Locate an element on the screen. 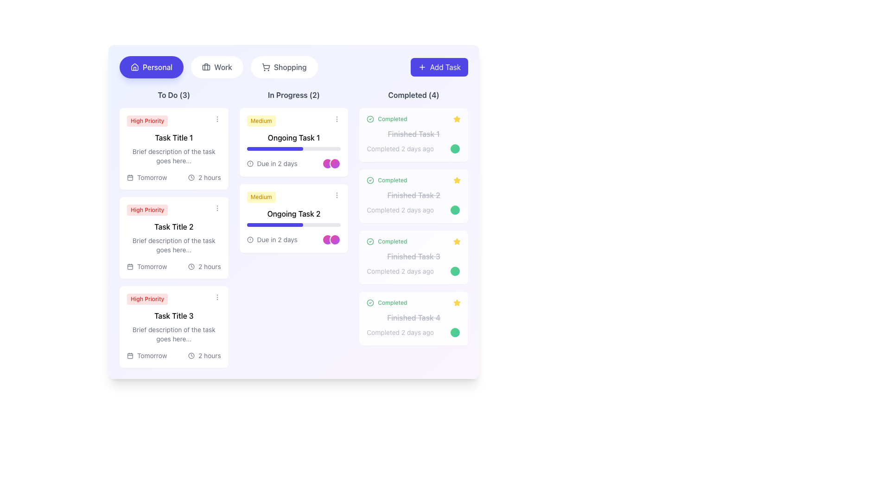  the text block displaying the message 'Brief description of the task goes here...' located inside the task card under 'Task Title 3' in the 'To Do' column is located at coordinates (174, 334).